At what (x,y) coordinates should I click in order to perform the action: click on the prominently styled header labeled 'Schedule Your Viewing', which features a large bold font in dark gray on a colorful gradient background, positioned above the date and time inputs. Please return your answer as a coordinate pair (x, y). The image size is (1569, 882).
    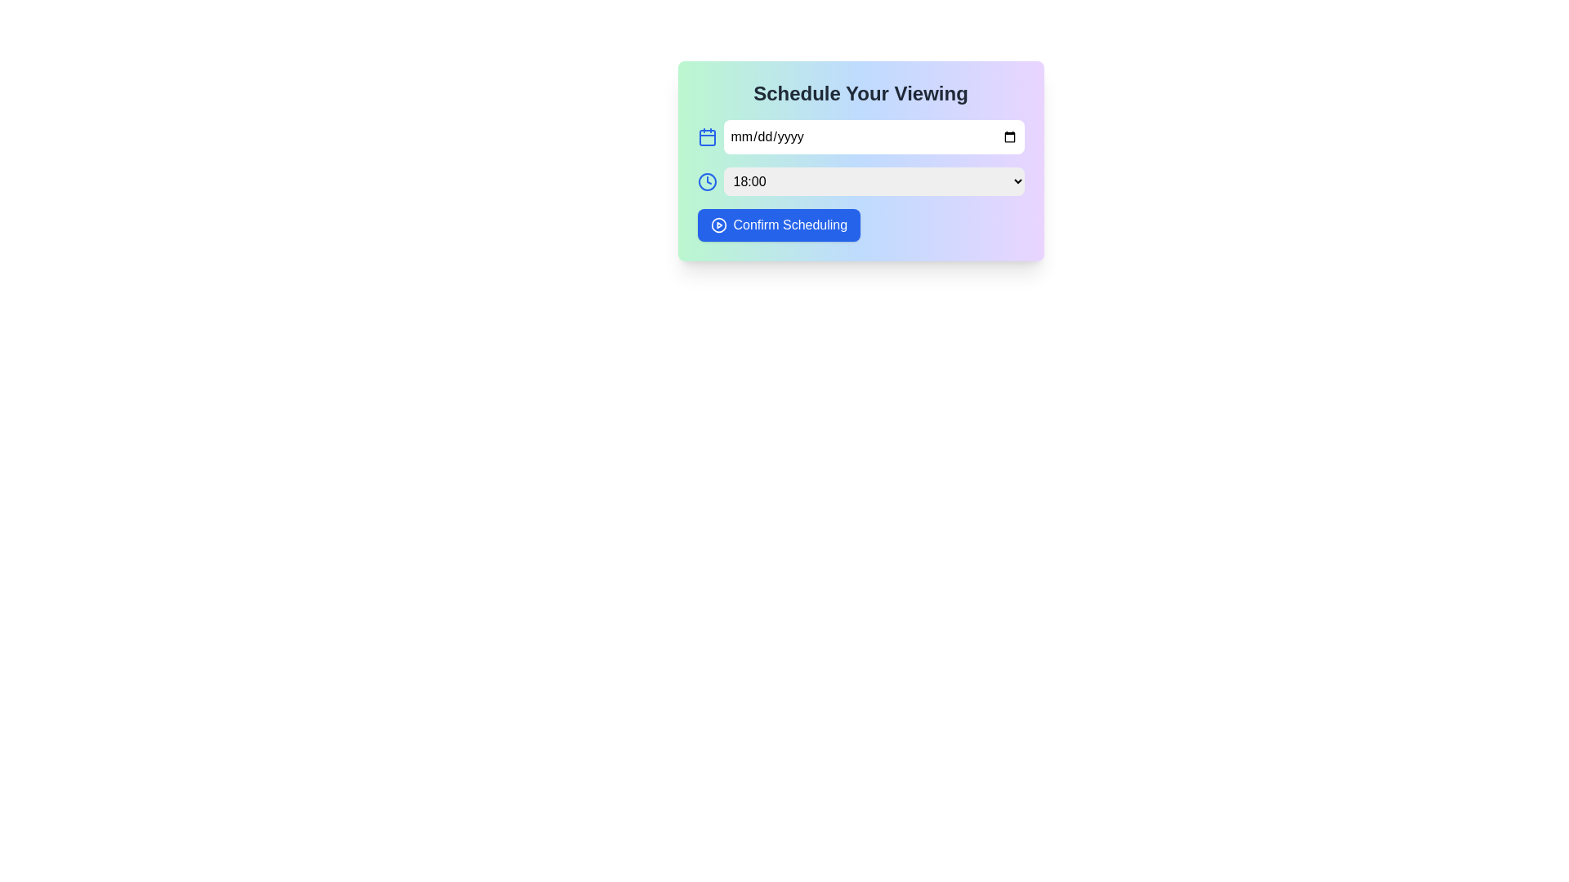
    Looking at the image, I should click on (860, 94).